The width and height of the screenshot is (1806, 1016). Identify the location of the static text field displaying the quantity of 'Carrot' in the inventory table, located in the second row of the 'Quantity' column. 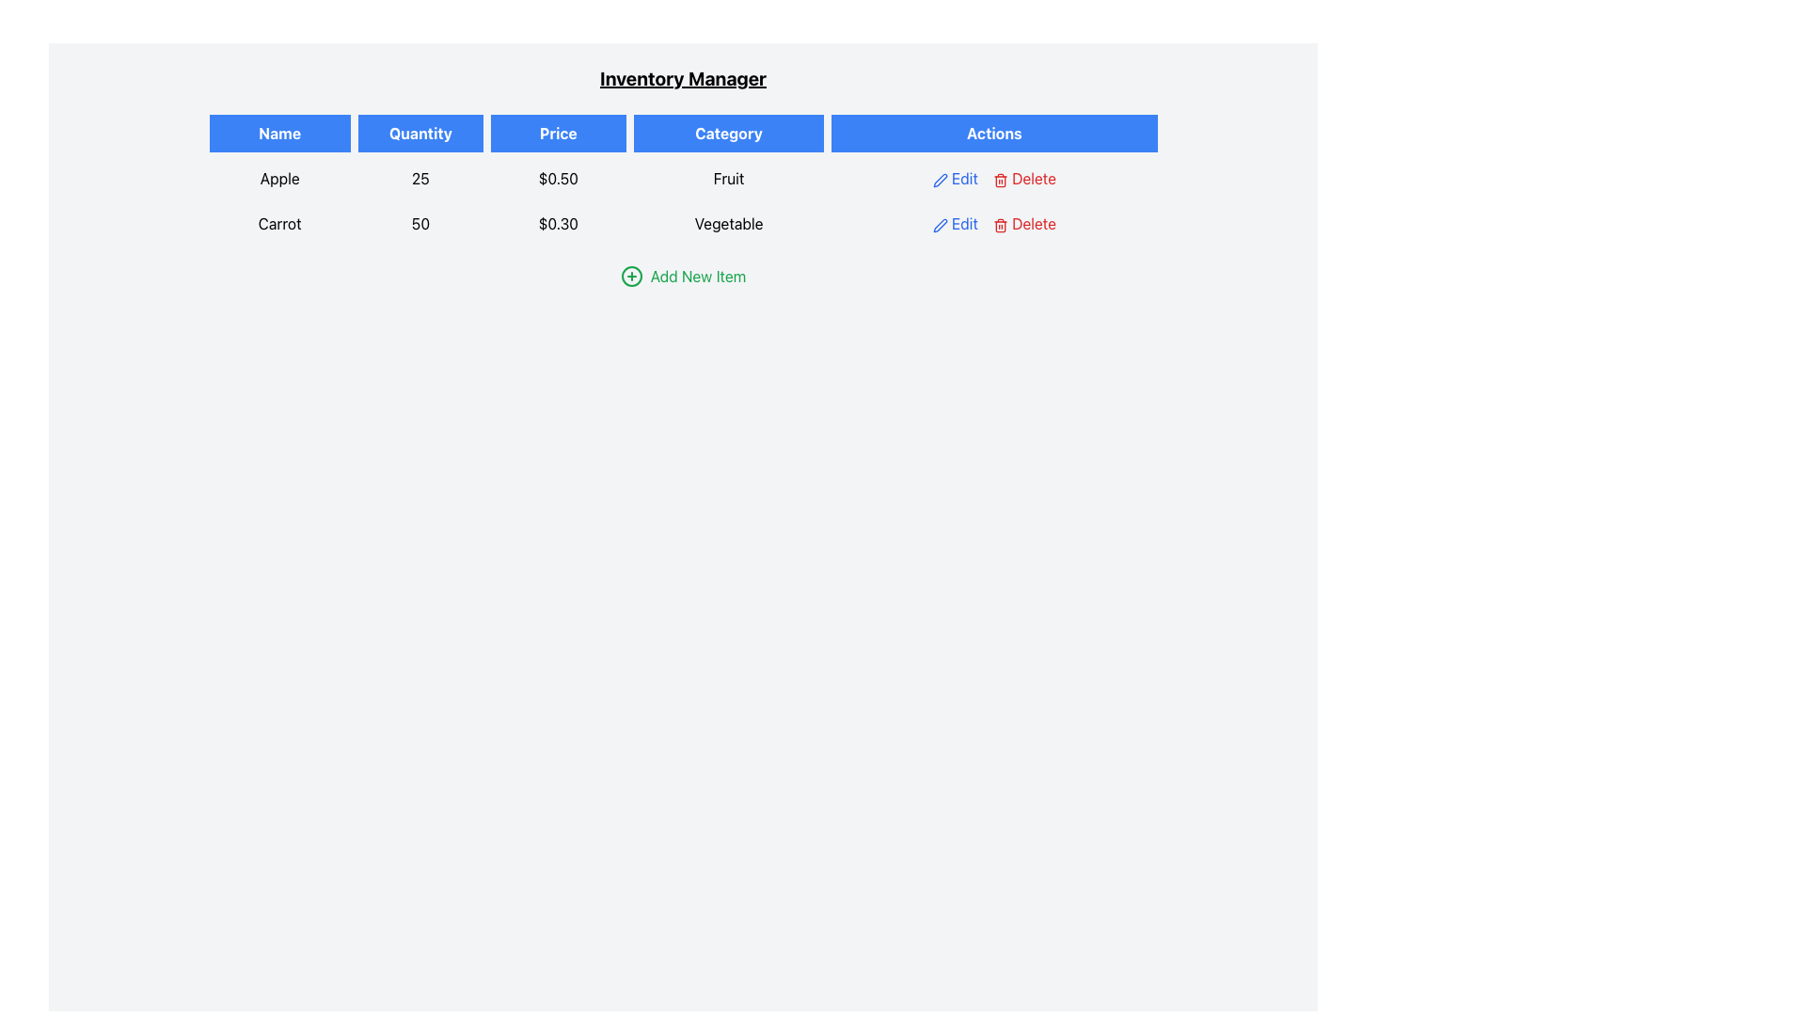
(420, 223).